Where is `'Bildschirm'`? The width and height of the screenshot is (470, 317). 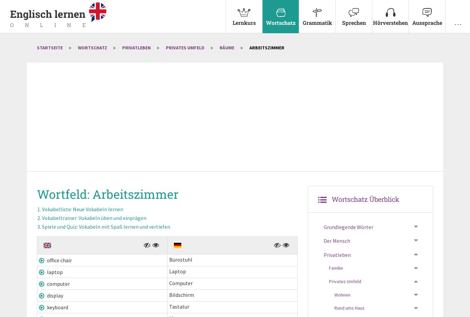
'Bildschirm' is located at coordinates (181, 295).